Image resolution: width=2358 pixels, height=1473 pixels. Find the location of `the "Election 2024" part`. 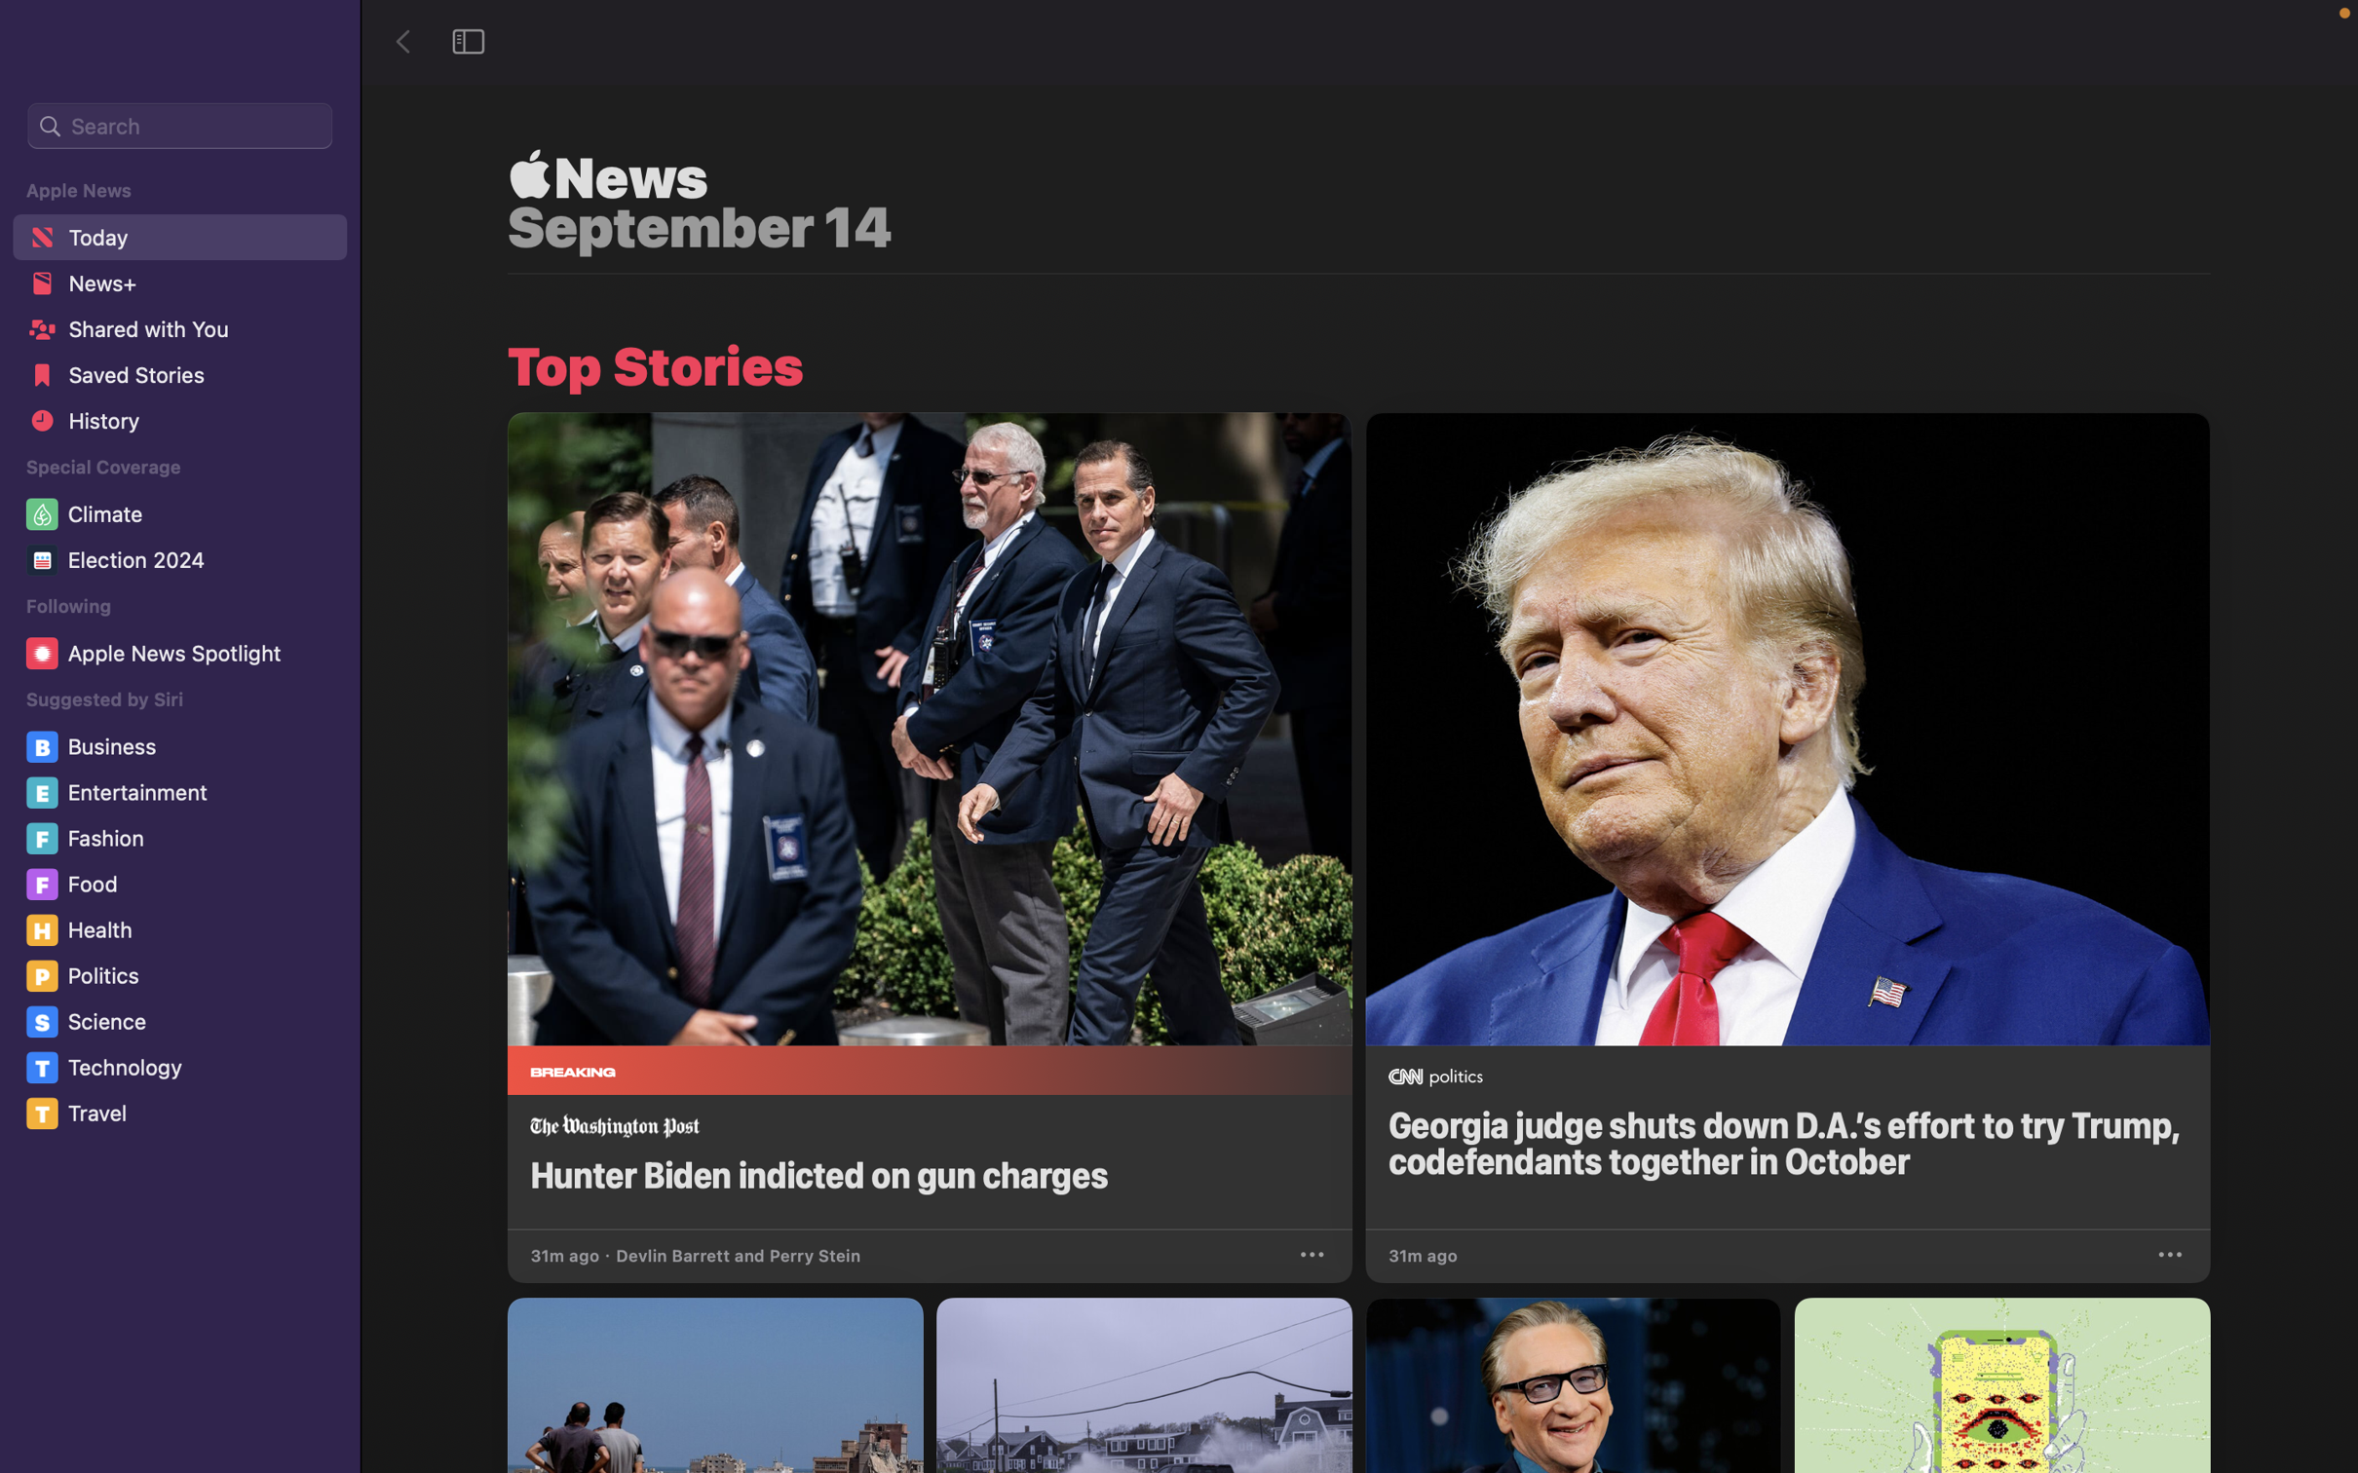

the "Election 2024" part is located at coordinates (182, 563).